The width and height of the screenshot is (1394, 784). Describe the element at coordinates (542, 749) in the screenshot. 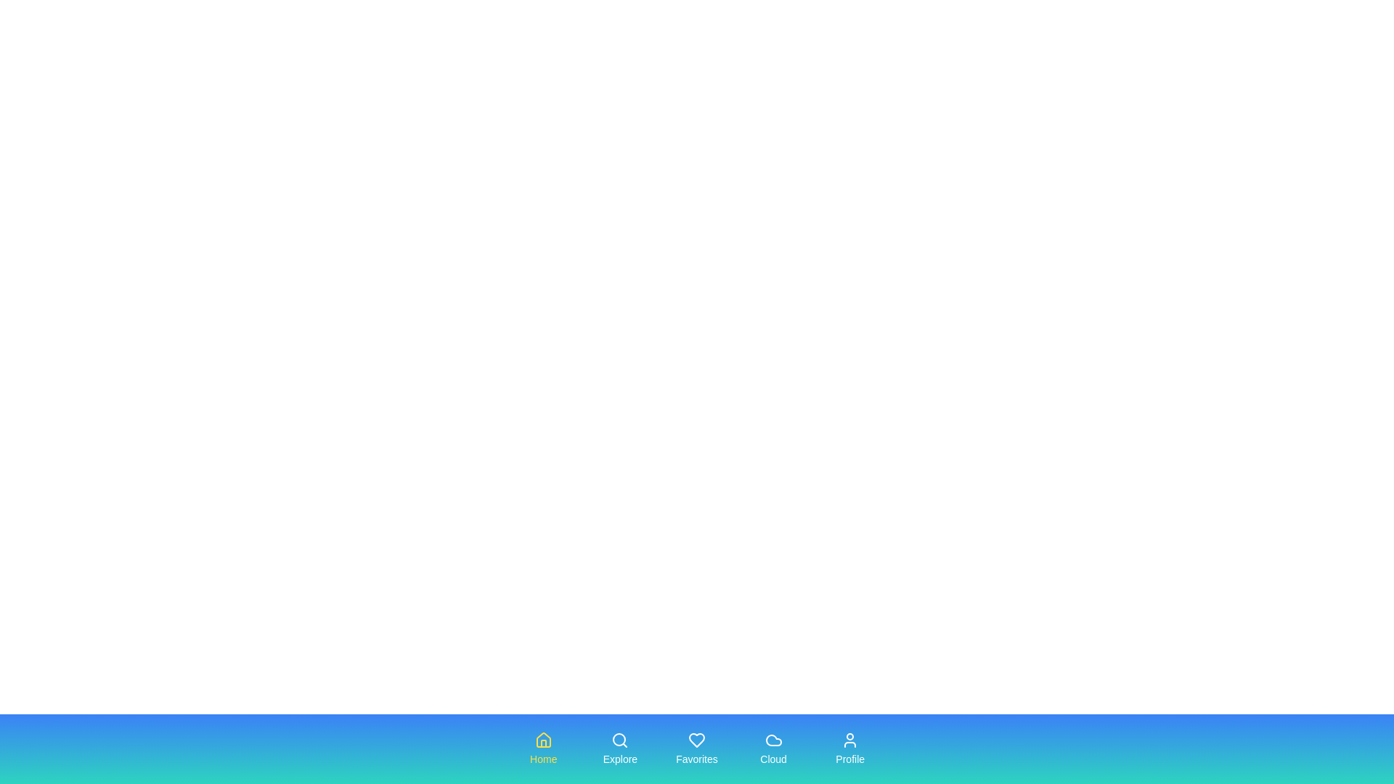

I see `the tab labeled Home` at that location.